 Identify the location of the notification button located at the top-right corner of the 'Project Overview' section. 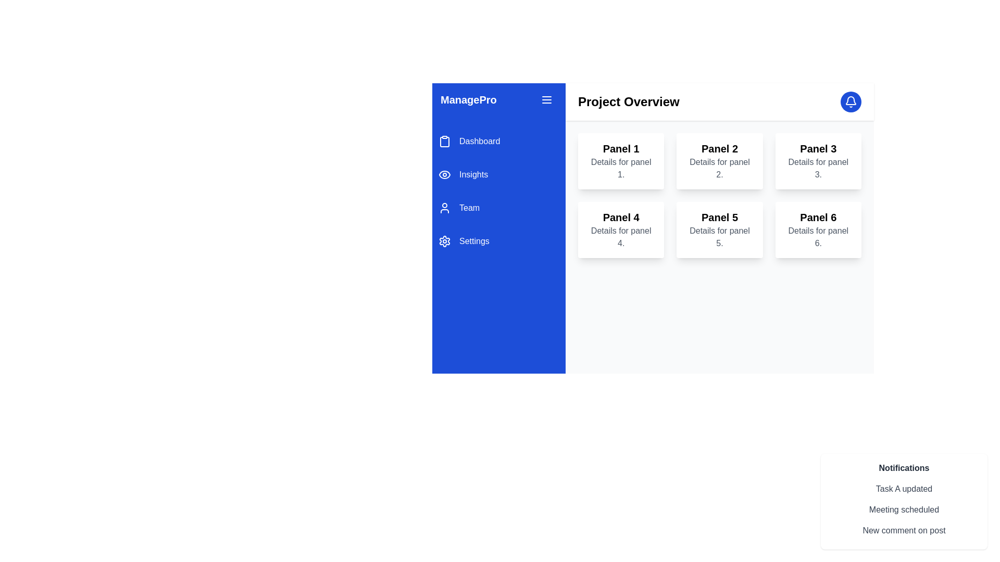
(851, 102).